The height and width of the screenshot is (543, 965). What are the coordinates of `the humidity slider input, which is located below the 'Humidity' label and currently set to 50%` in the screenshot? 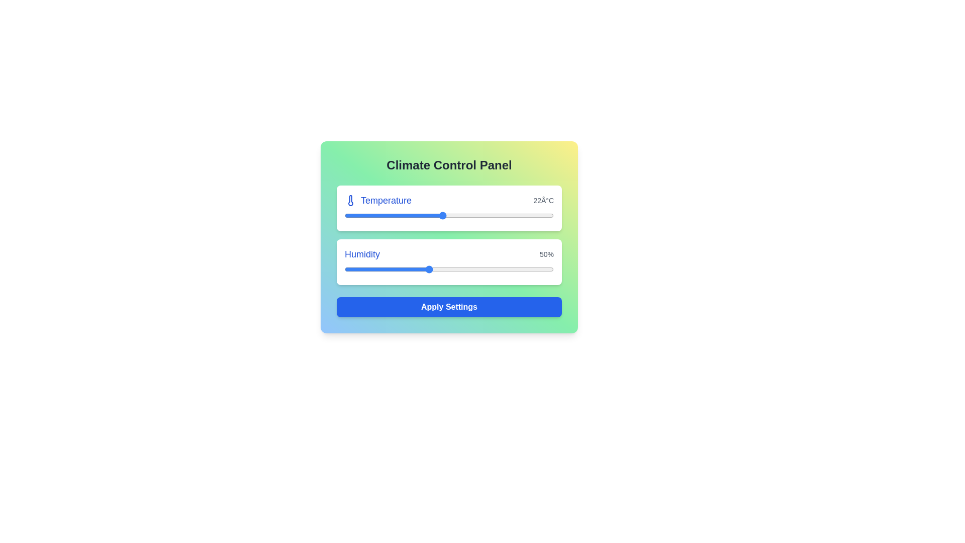 It's located at (448, 269).